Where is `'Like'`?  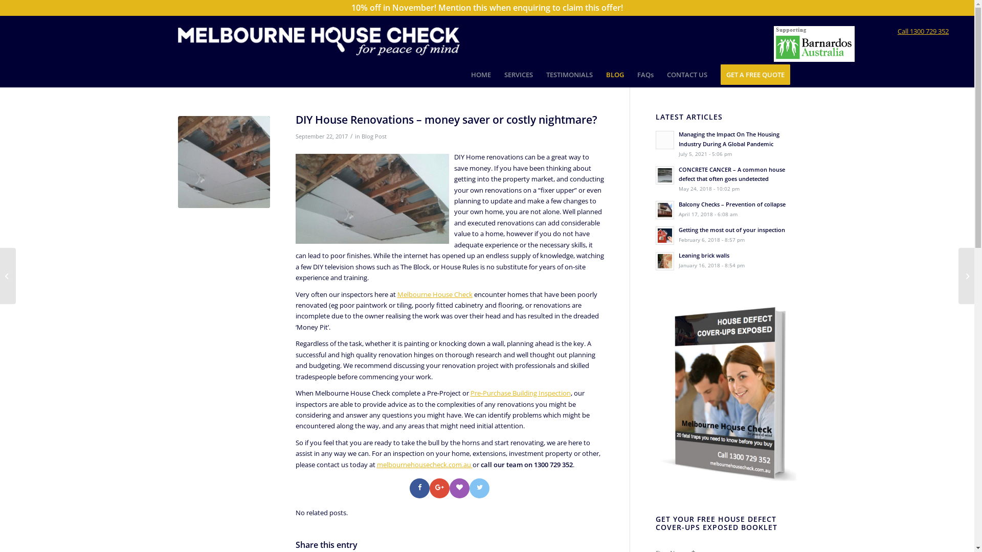 'Like' is located at coordinates (459, 488).